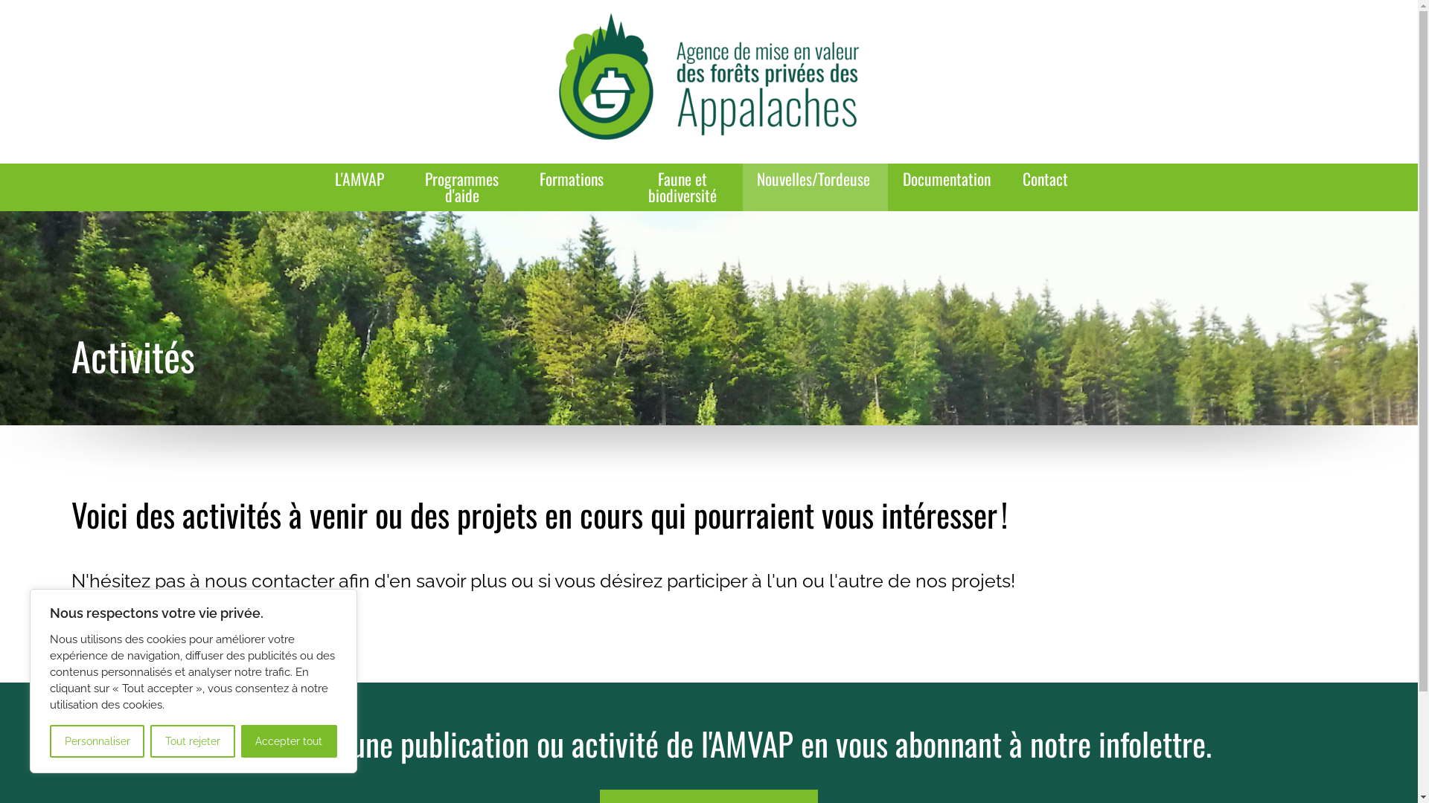 The image size is (1429, 803). Describe the element at coordinates (947, 178) in the screenshot. I see `'Documentation'` at that location.